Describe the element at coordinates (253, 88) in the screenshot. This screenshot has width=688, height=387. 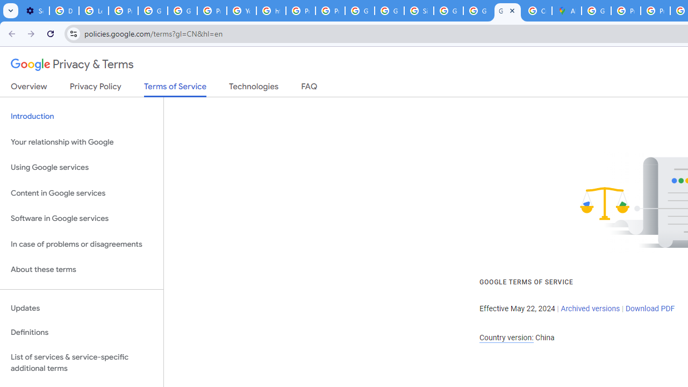
I see `'Technologies'` at that location.